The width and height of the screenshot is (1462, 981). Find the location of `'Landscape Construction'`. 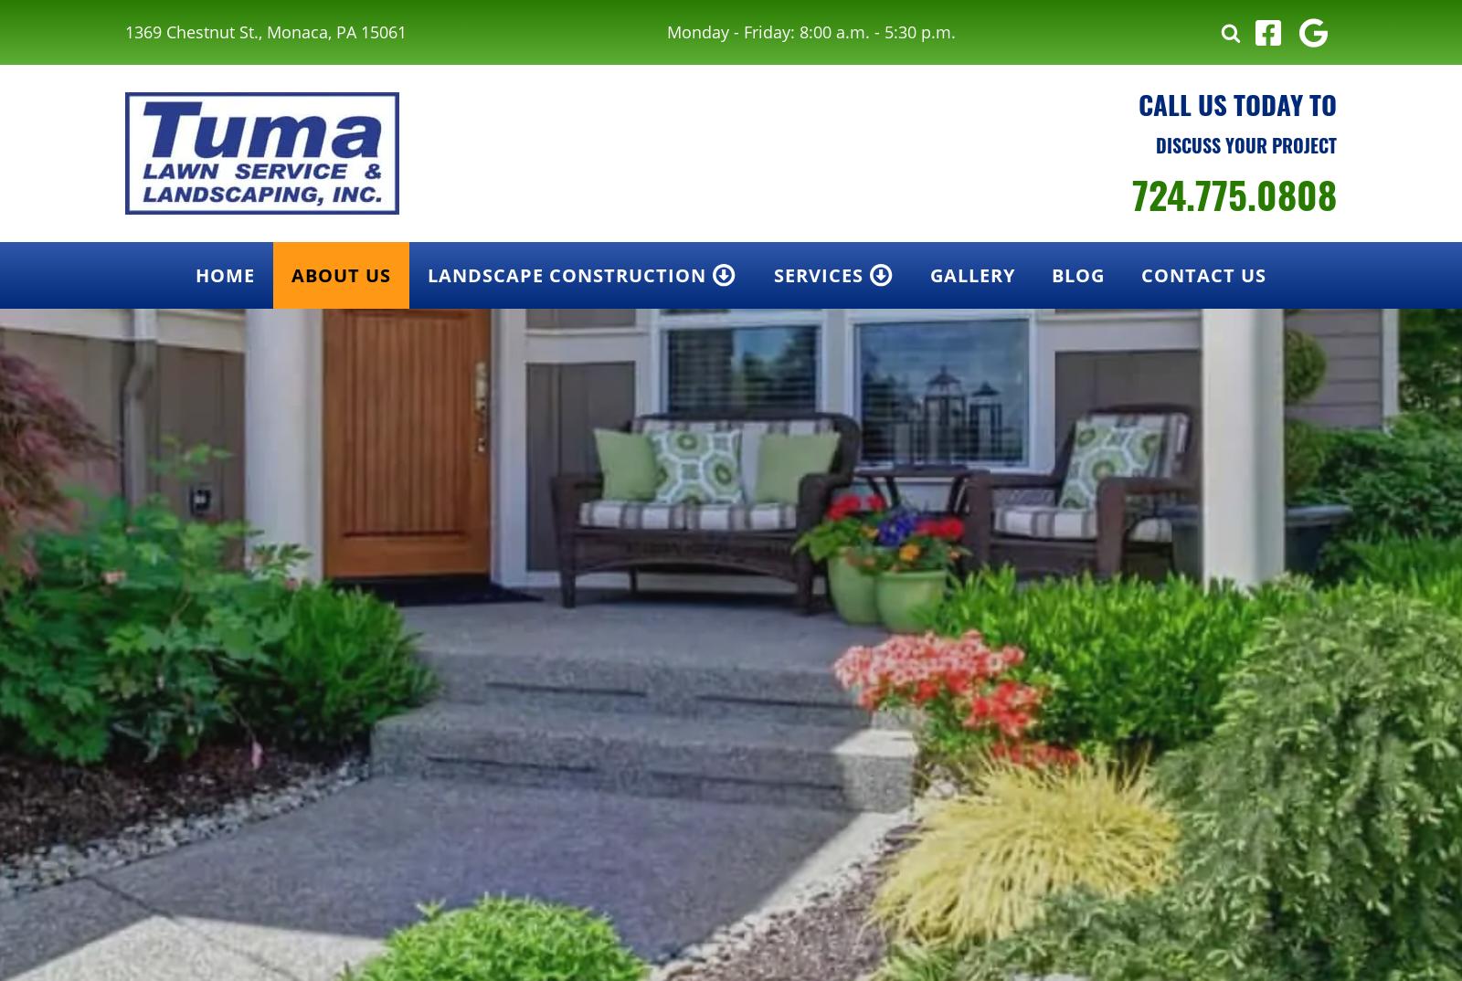

'Landscape Construction' is located at coordinates (567, 275).